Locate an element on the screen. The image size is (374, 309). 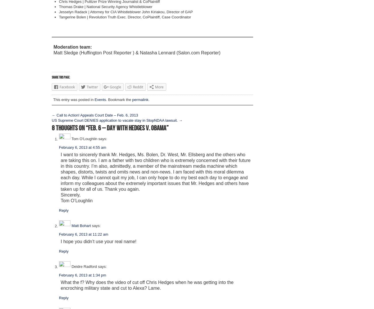
'Facebook' is located at coordinates (67, 87).